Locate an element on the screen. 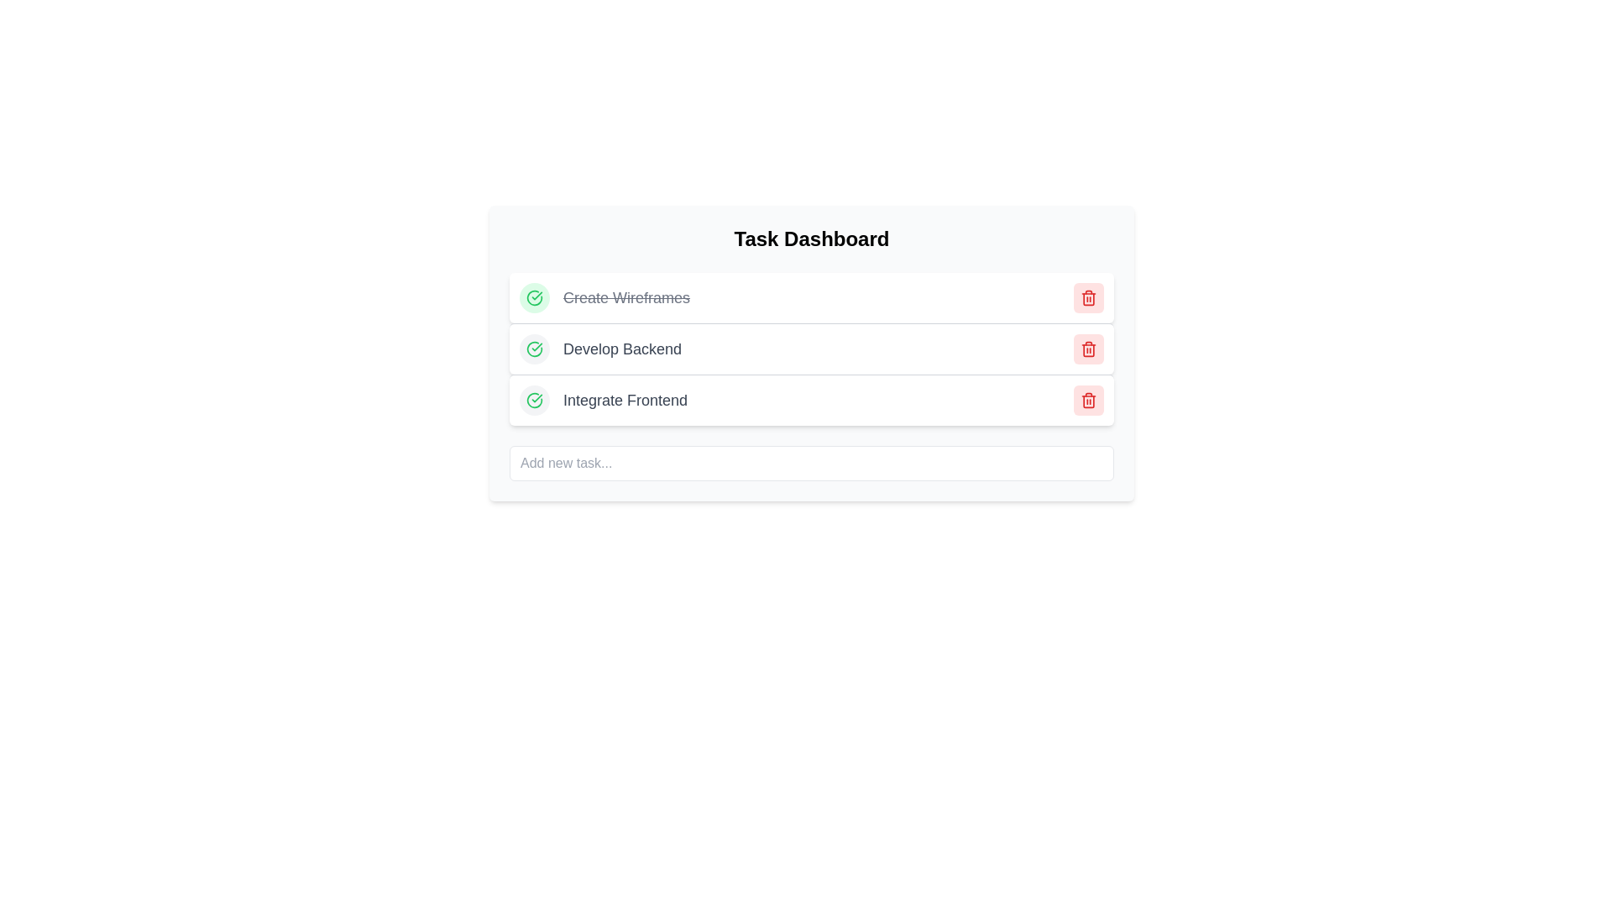 This screenshot has width=1612, height=907. the details of the completed task entry, which is the first entry in the task dashboard marked with crossed-out text is located at coordinates (604, 296).